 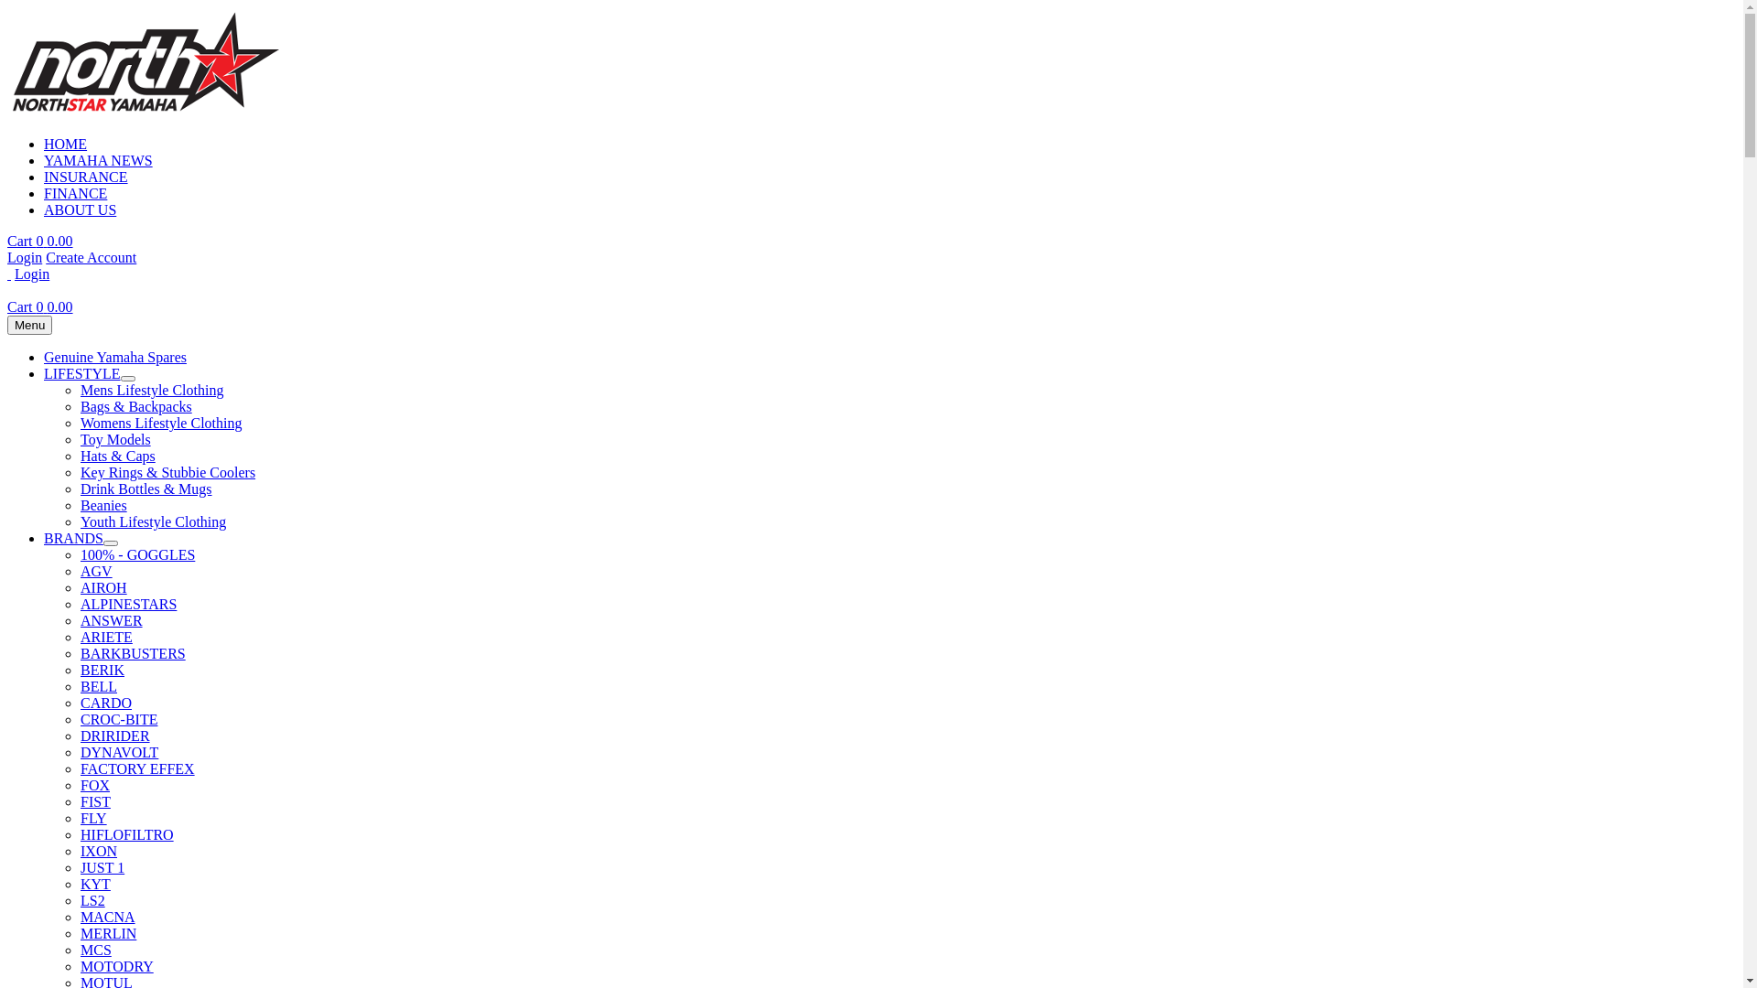 I want to click on 'YAMAHA NEWS', so click(x=97, y=159).